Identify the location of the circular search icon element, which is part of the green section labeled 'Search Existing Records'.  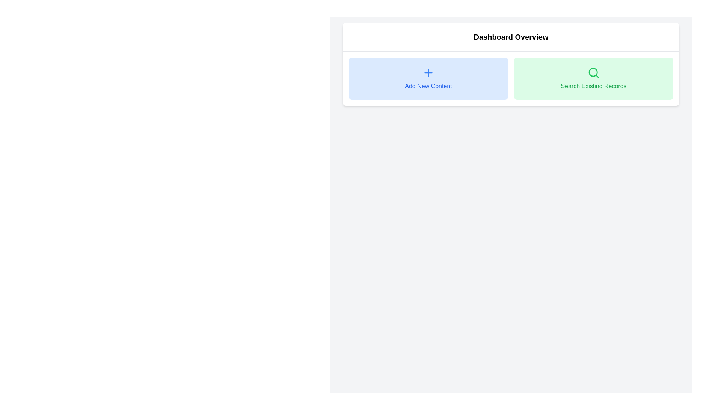
(593, 72).